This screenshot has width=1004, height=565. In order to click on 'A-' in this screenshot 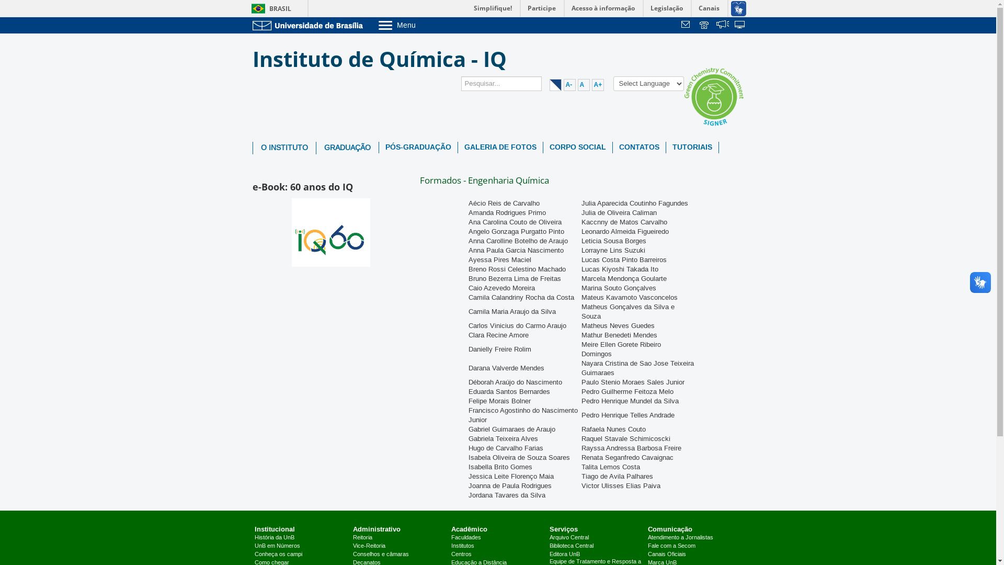, I will do `click(569, 84)`.